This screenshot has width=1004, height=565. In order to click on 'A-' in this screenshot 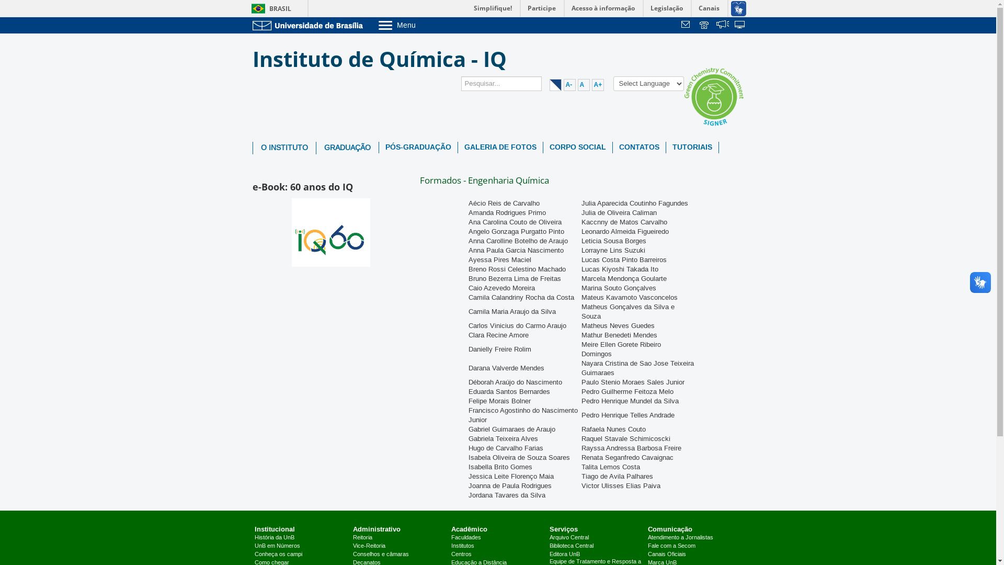, I will do `click(569, 84)`.